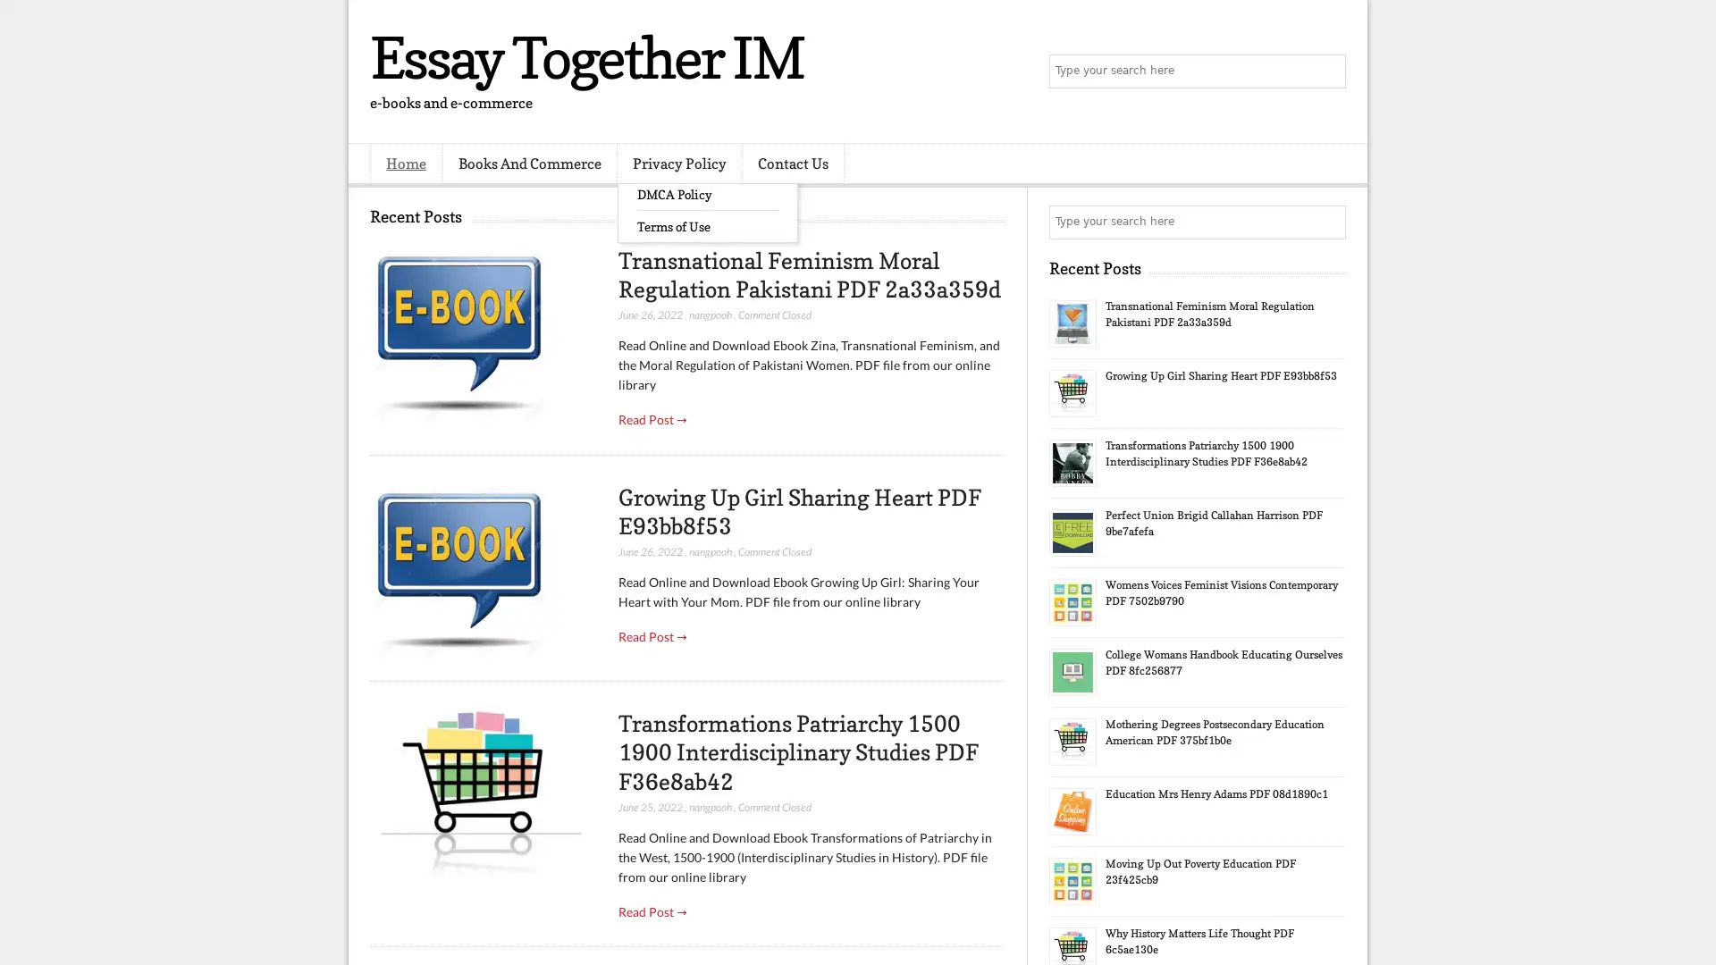  Describe the element at coordinates (1327, 222) in the screenshot. I see `Search` at that location.